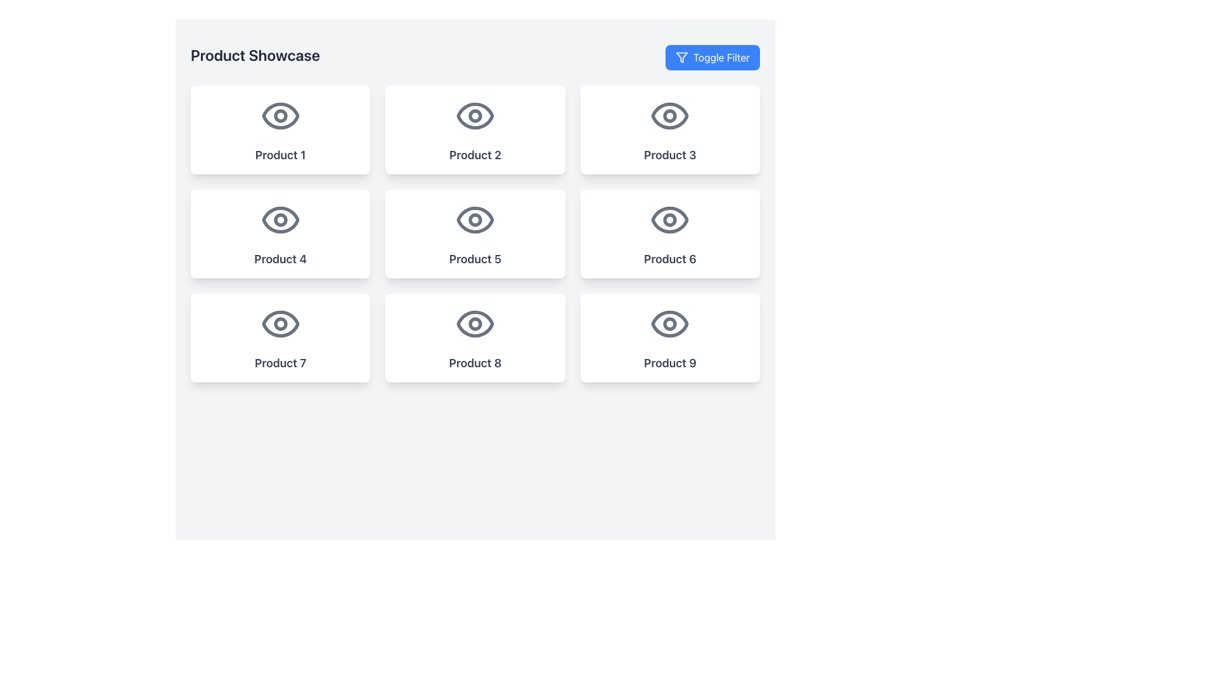 This screenshot has width=1217, height=685. What do you see at coordinates (669, 219) in the screenshot?
I see `the central circle of the eye-shaped icon, which is the sixth item in a 3x3 grid layout, located in the second row and third column, beneath the text 'Product 6'` at bounding box center [669, 219].